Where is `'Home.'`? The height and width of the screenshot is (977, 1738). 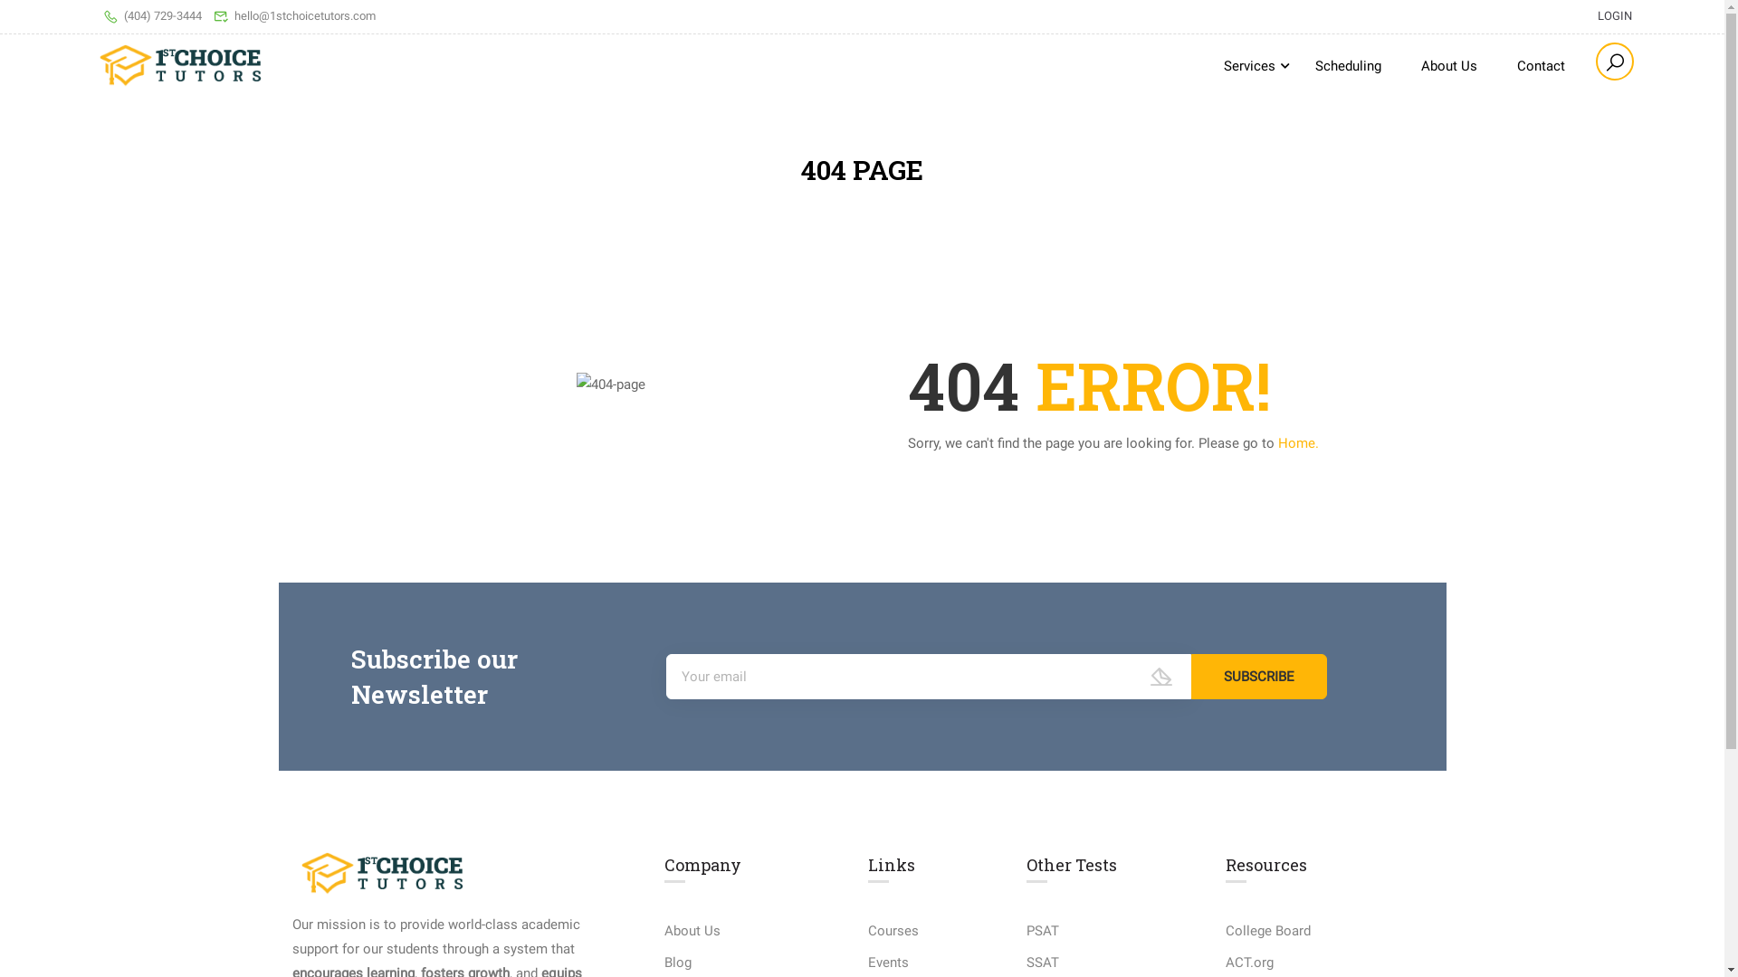
'Home.' is located at coordinates (1297, 442).